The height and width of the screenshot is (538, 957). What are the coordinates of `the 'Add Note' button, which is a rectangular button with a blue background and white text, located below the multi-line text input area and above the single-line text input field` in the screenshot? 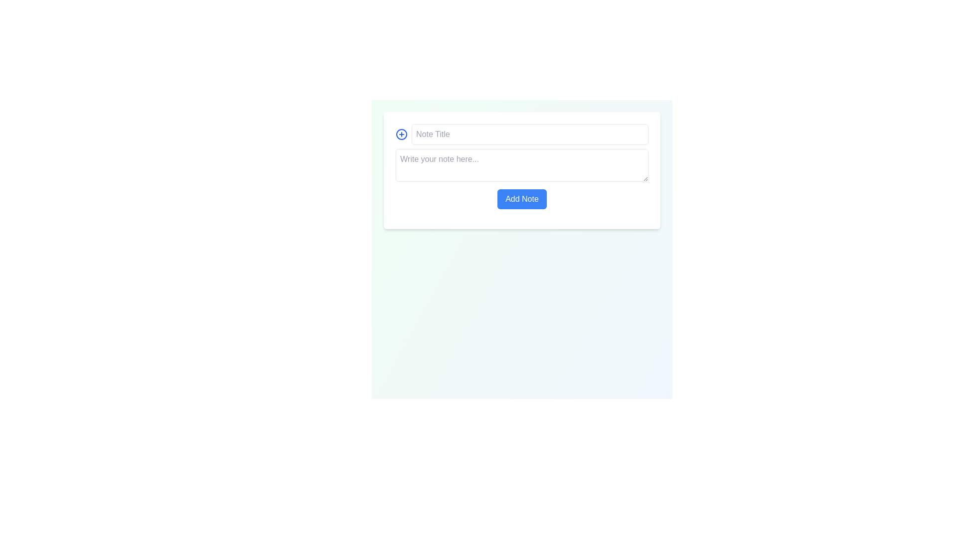 It's located at (521, 199).